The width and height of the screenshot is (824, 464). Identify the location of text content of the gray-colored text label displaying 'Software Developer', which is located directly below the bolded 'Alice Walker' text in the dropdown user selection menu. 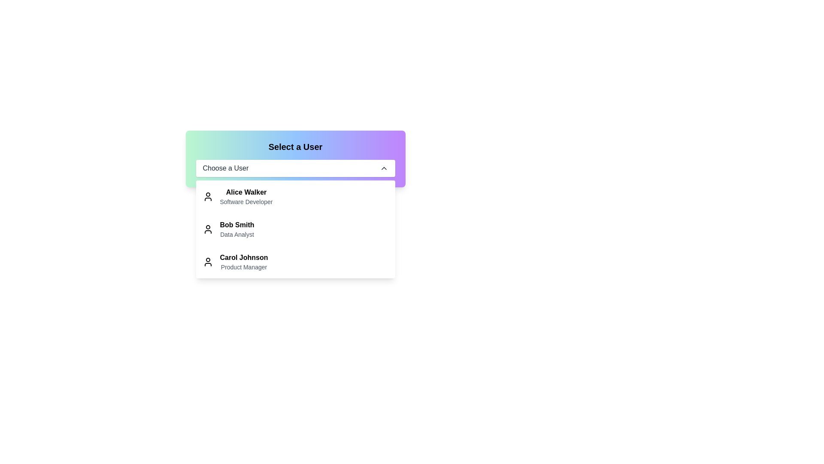
(245, 202).